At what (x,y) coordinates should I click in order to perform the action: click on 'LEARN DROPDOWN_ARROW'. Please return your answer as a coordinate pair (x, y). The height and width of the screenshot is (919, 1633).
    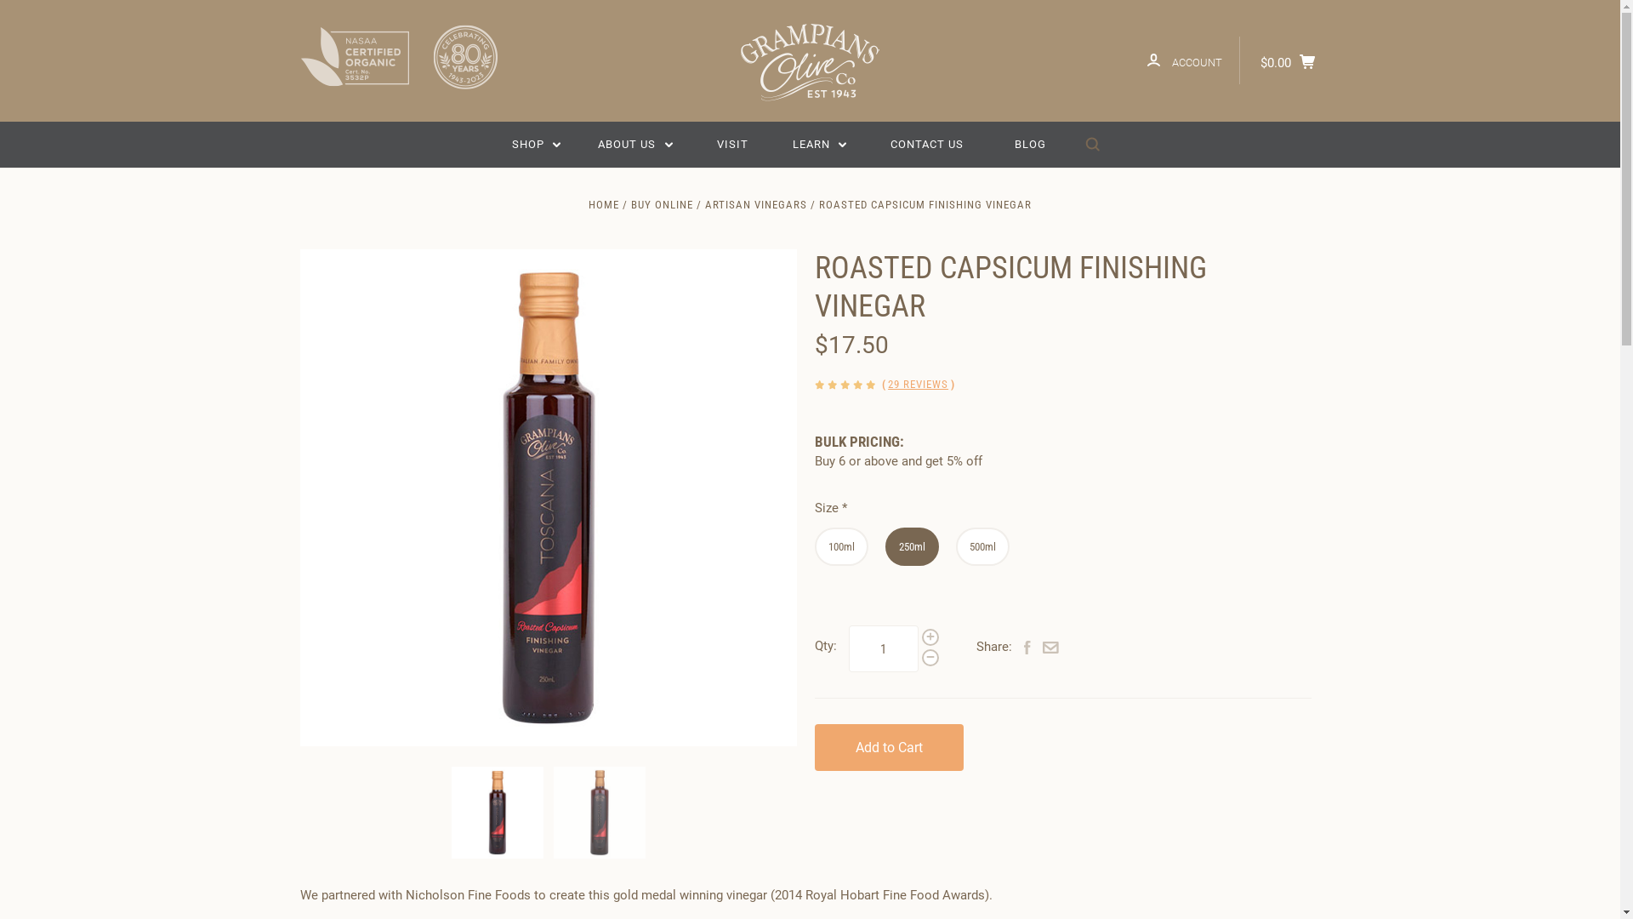
    Looking at the image, I should click on (820, 143).